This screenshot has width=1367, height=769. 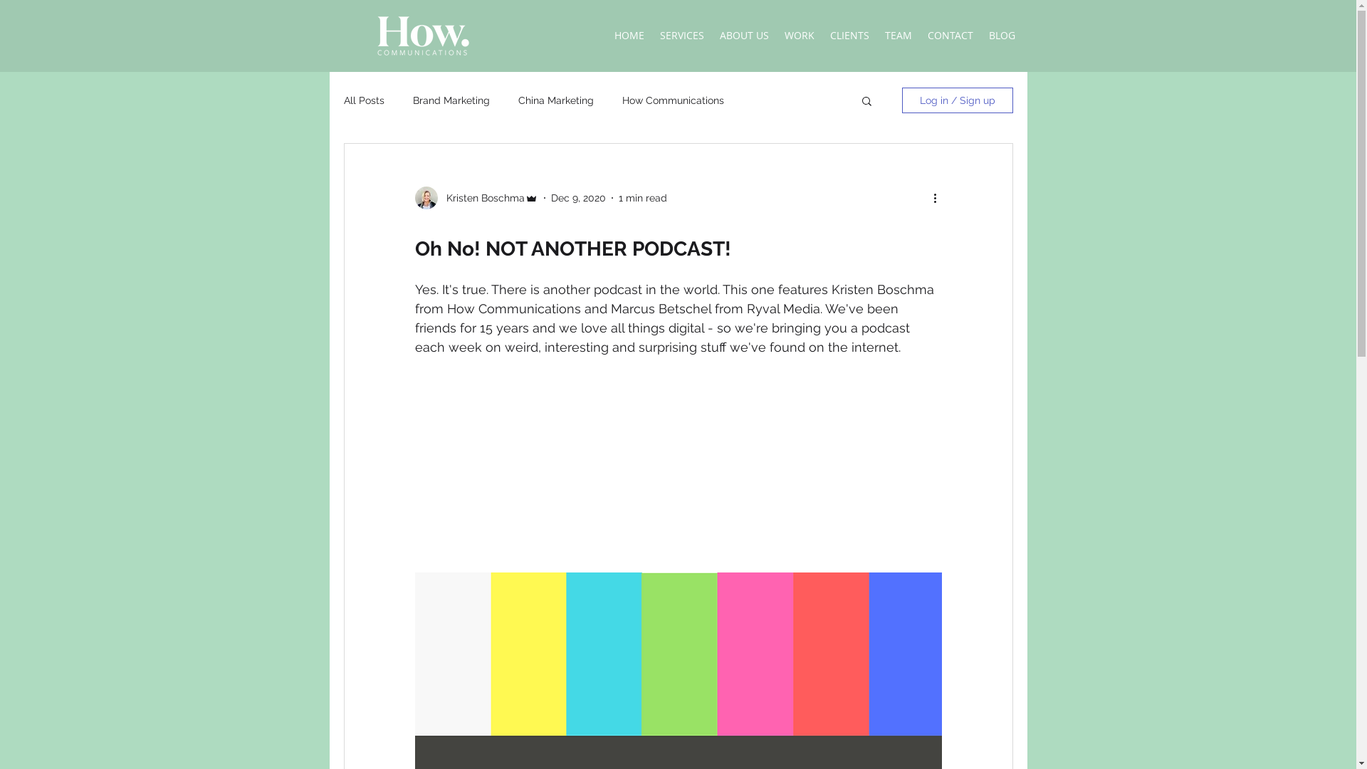 I want to click on 'HOME', so click(x=628, y=35).